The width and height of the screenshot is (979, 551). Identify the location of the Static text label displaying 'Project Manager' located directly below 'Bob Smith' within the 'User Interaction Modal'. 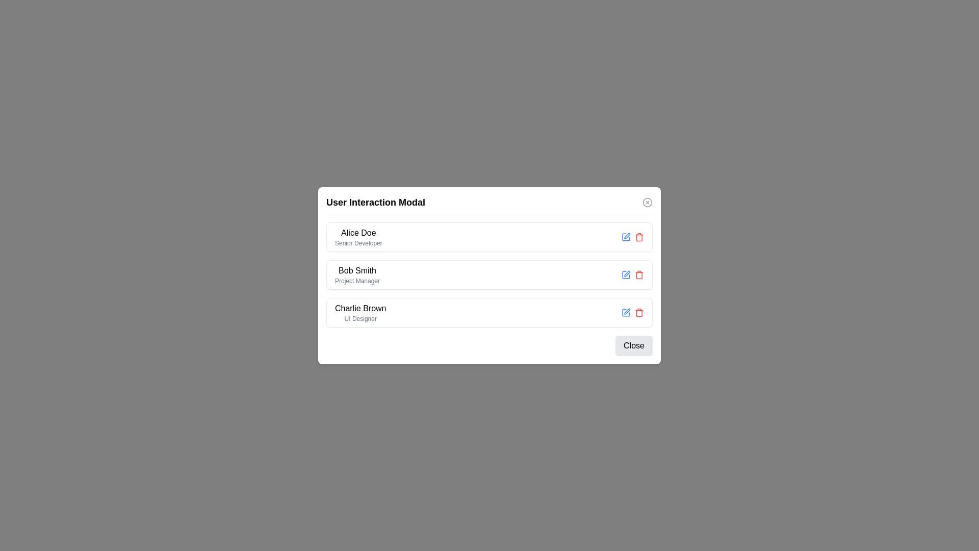
(357, 281).